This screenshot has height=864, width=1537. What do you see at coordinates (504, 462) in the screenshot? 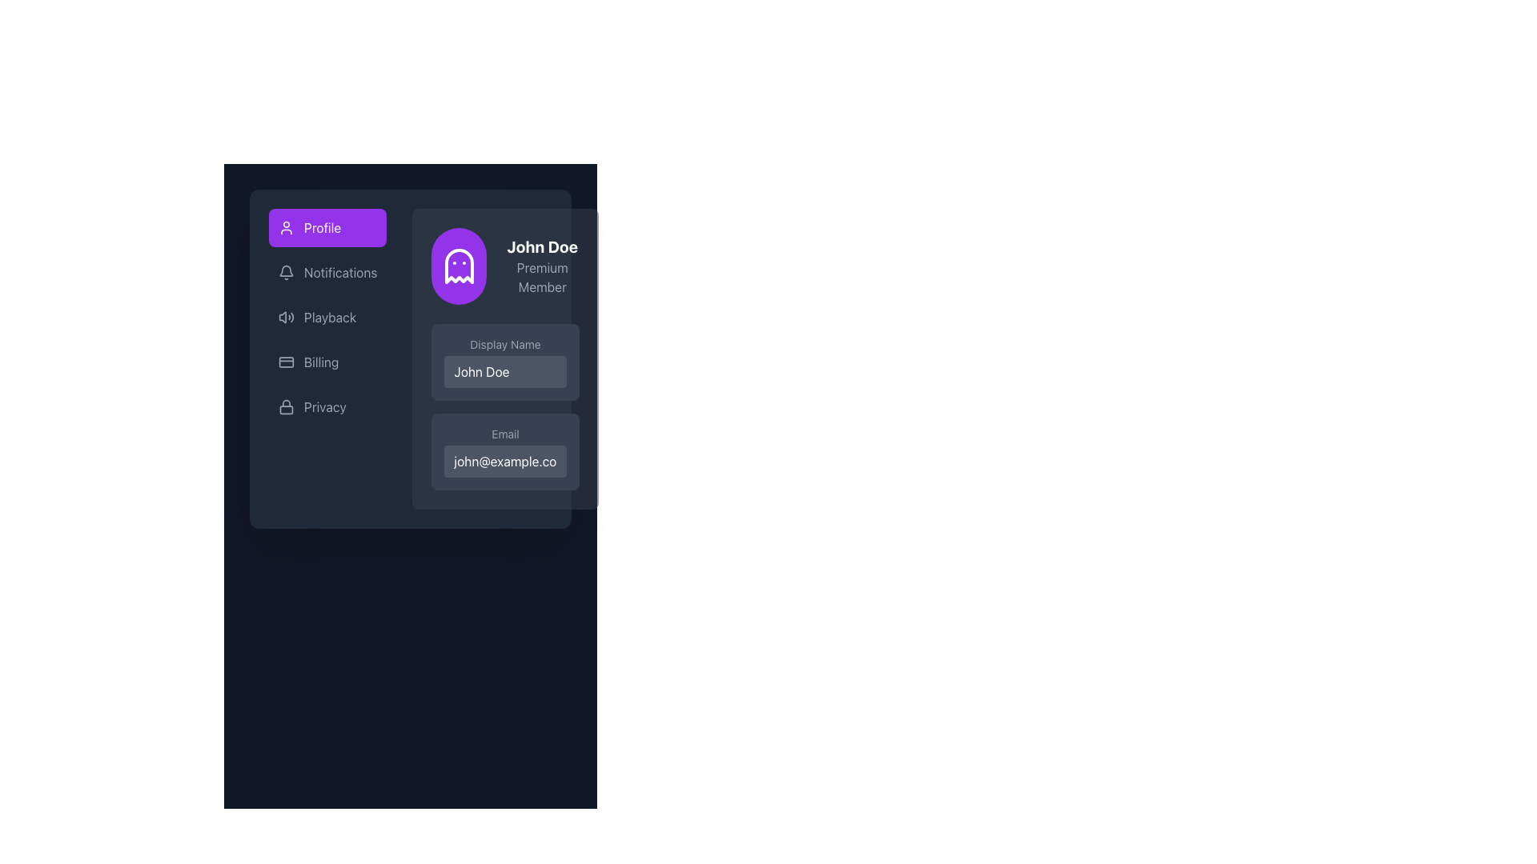
I see `the email input field located beneath the 'Email' label` at bounding box center [504, 462].